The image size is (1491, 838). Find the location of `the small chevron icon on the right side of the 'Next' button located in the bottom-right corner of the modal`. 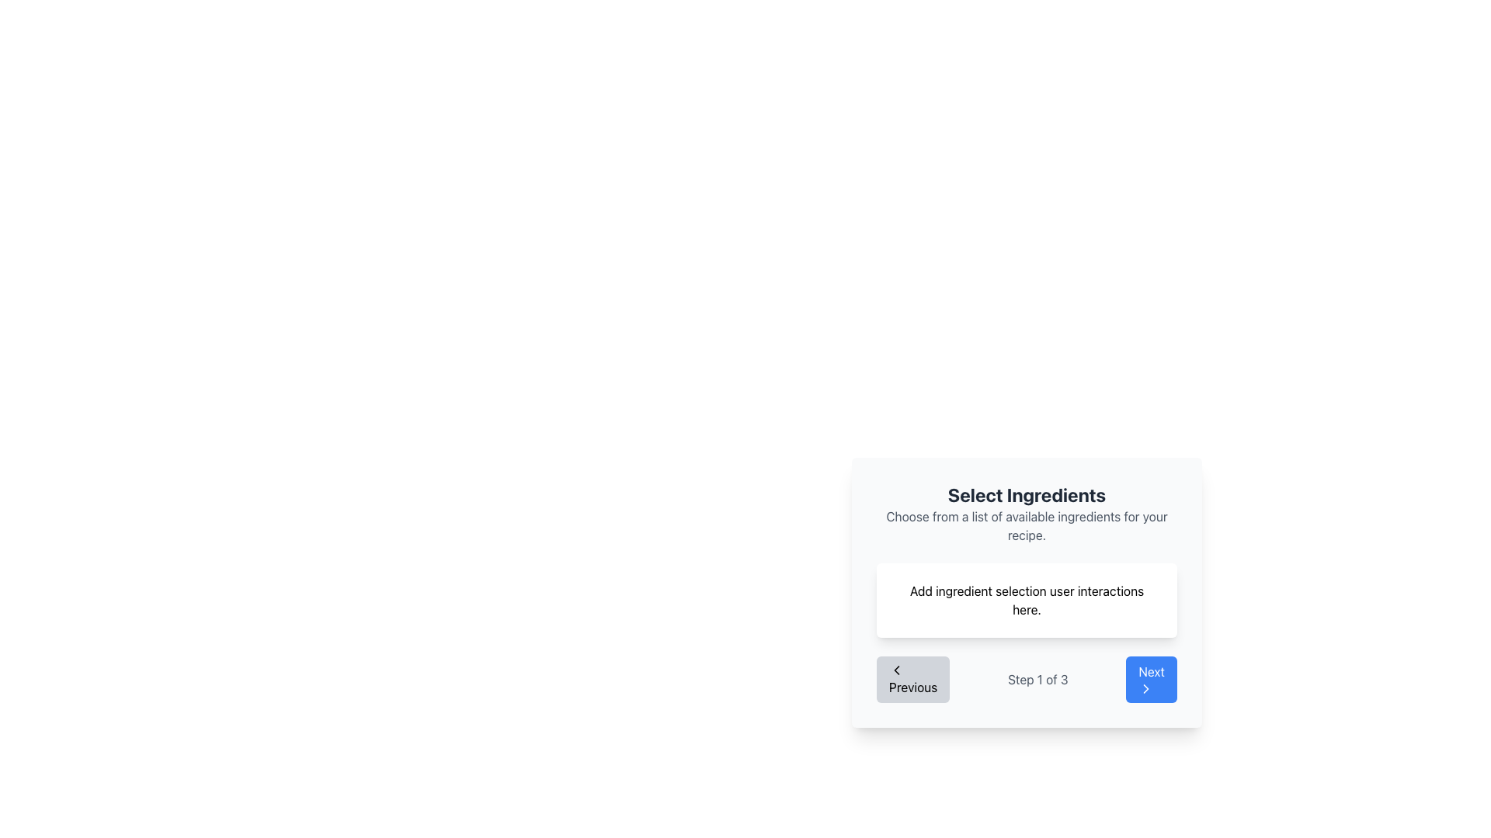

the small chevron icon on the right side of the 'Next' button located in the bottom-right corner of the modal is located at coordinates (1146, 687).